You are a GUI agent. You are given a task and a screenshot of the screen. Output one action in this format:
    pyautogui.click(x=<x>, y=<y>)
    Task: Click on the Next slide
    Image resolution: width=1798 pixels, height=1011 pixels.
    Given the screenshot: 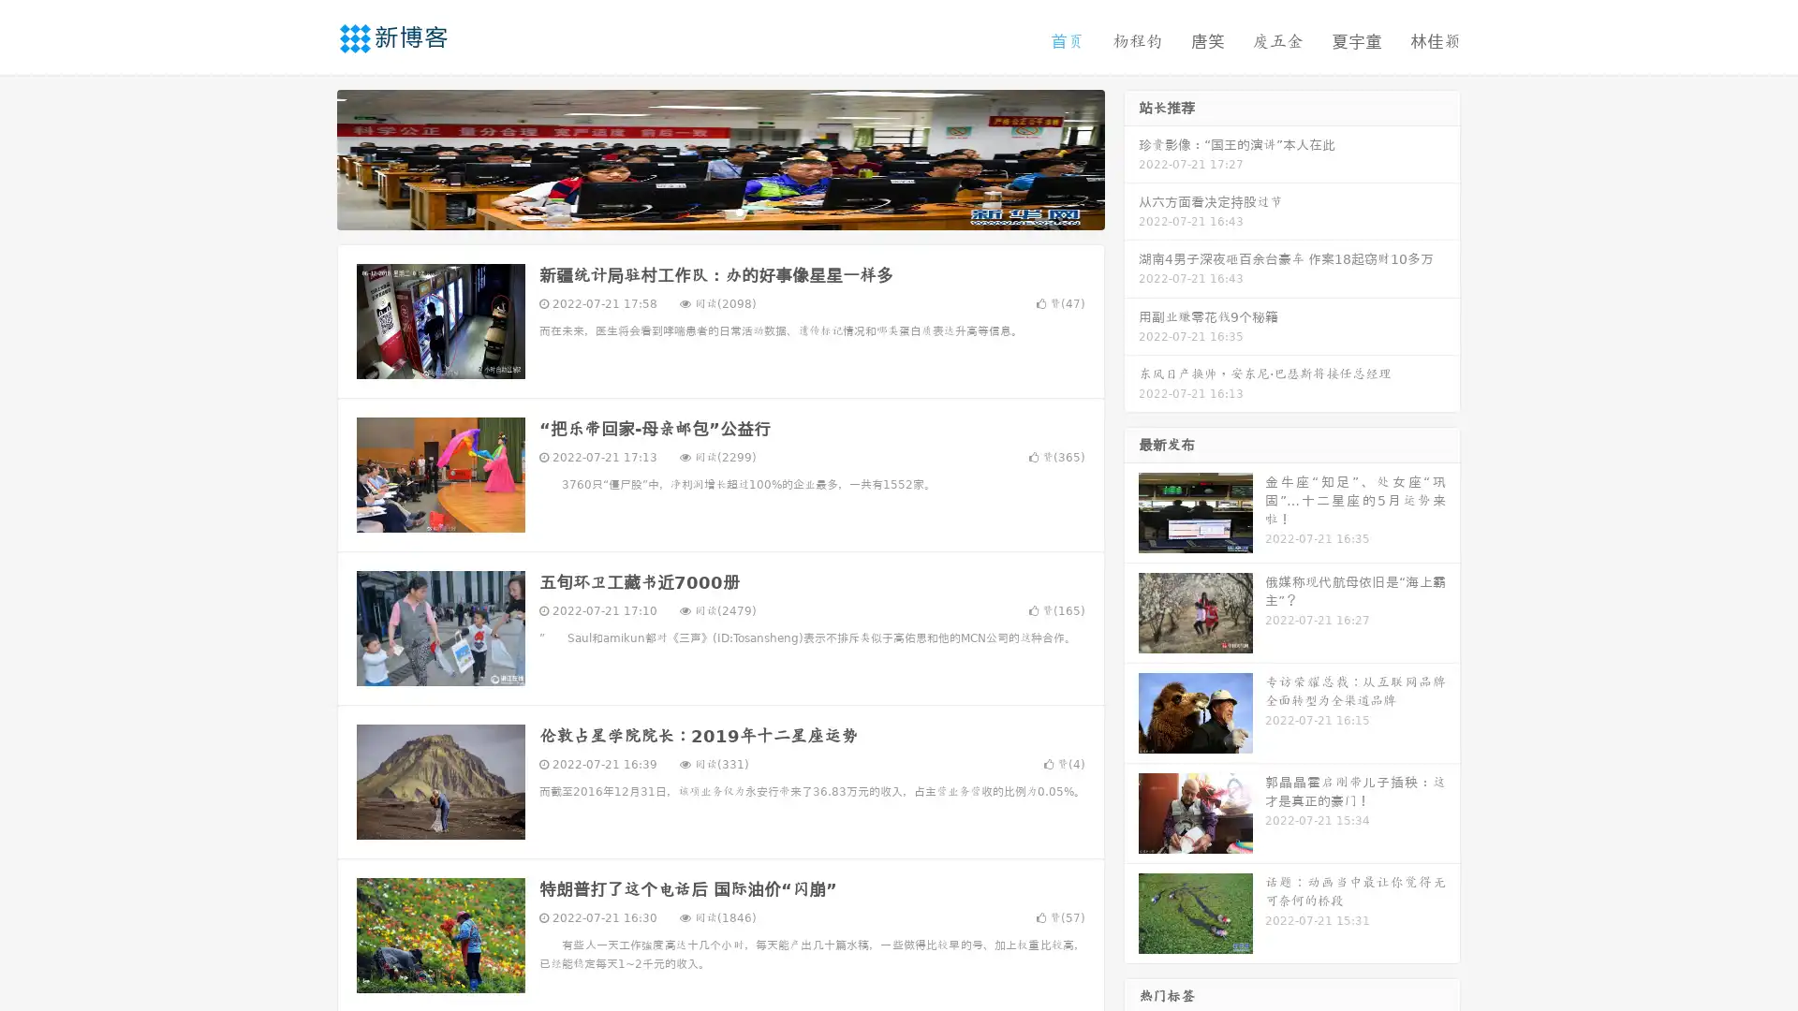 What is the action you would take?
    pyautogui.click(x=1131, y=157)
    